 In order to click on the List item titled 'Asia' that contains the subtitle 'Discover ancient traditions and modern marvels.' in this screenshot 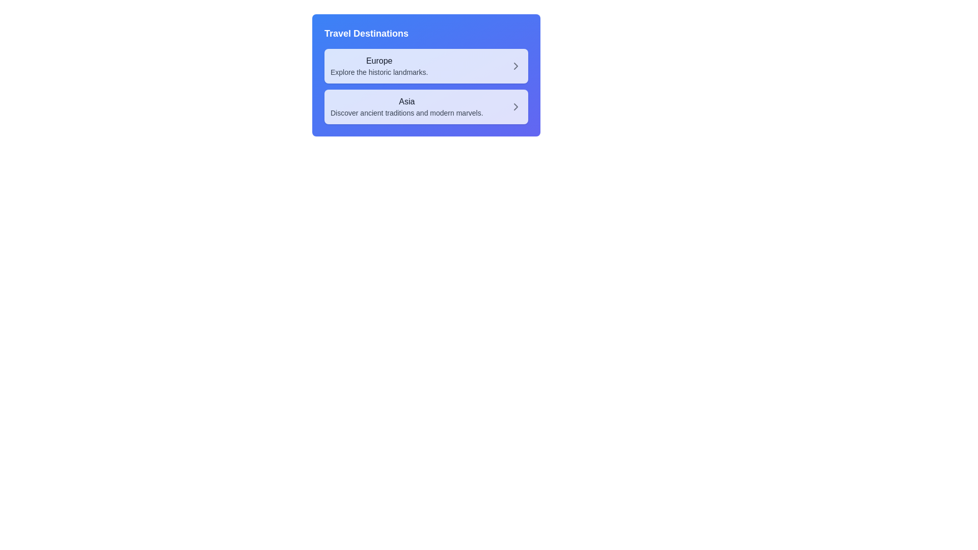, I will do `click(406, 106)`.